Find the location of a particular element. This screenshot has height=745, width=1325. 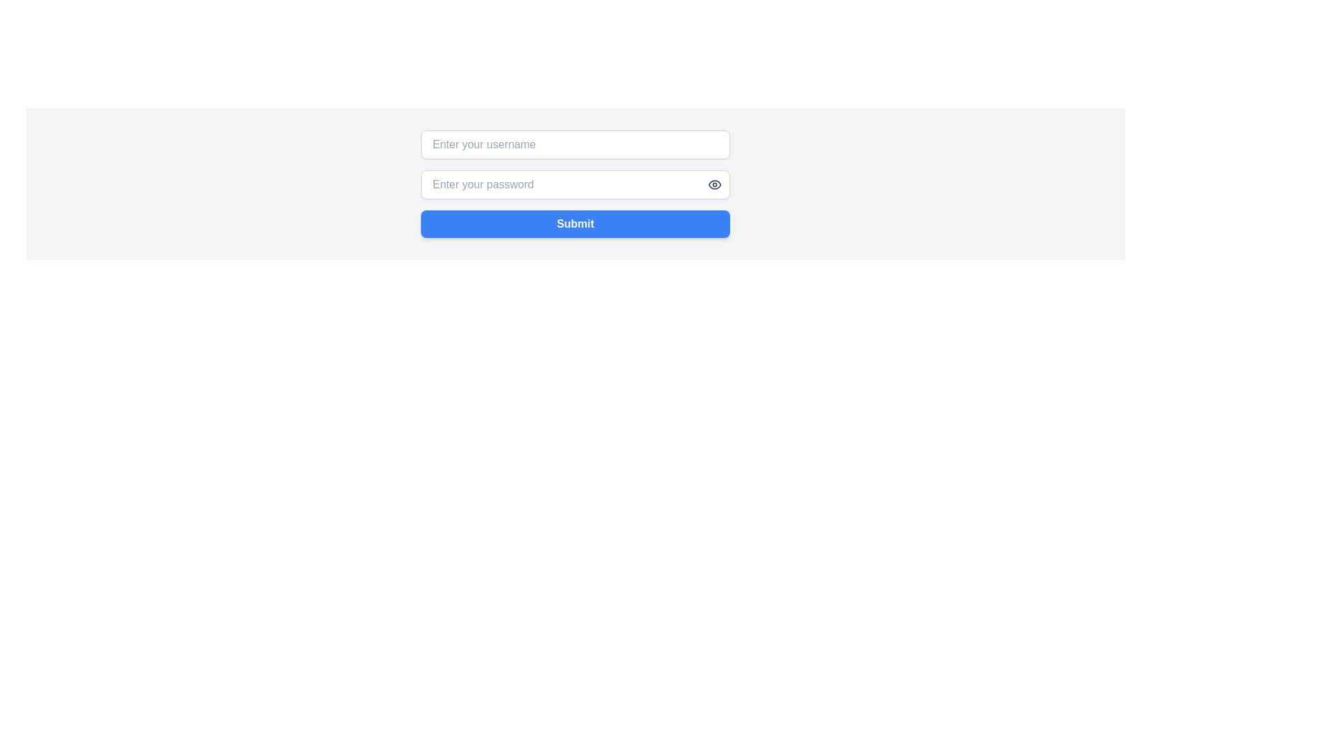

the eye-shaped password visibility toggle icon, which is gray and outlined, positioned towards the right edge of the password input field, to check the visual indication of the password visibility state is located at coordinates (715, 183).